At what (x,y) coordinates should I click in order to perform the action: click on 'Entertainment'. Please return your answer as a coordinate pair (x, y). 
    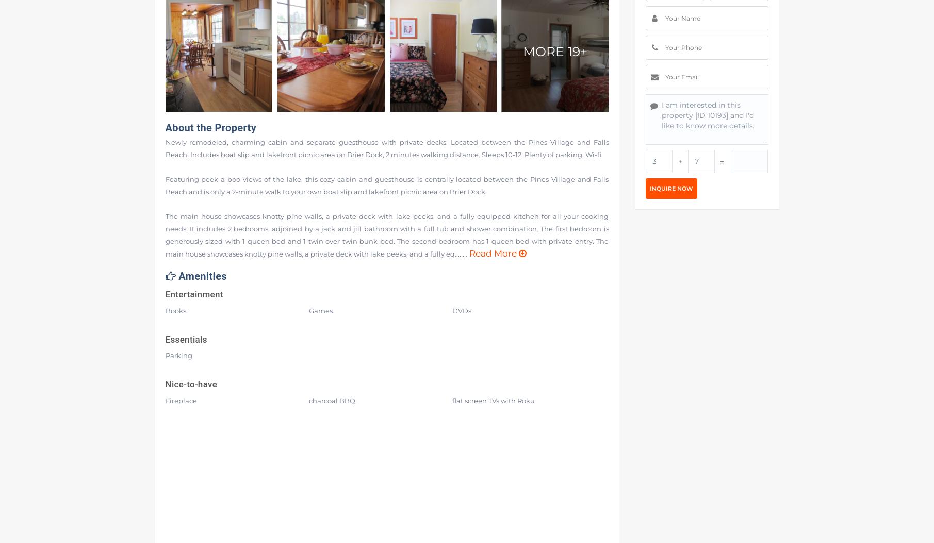
    Looking at the image, I should click on (193, 294).